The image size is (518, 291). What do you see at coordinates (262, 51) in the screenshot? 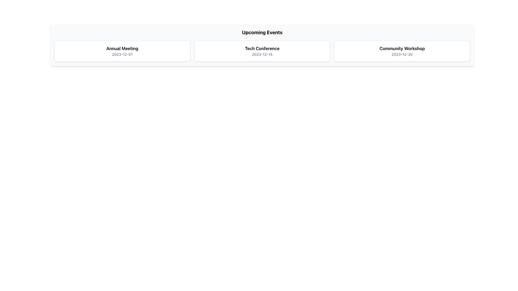
I see `event information displayed in the Text Display Element within the second card of the 'Upcoming Events' section, which shows 'Tech Conference' and the date '2023-12-15'` at bounding box center [262, 51].